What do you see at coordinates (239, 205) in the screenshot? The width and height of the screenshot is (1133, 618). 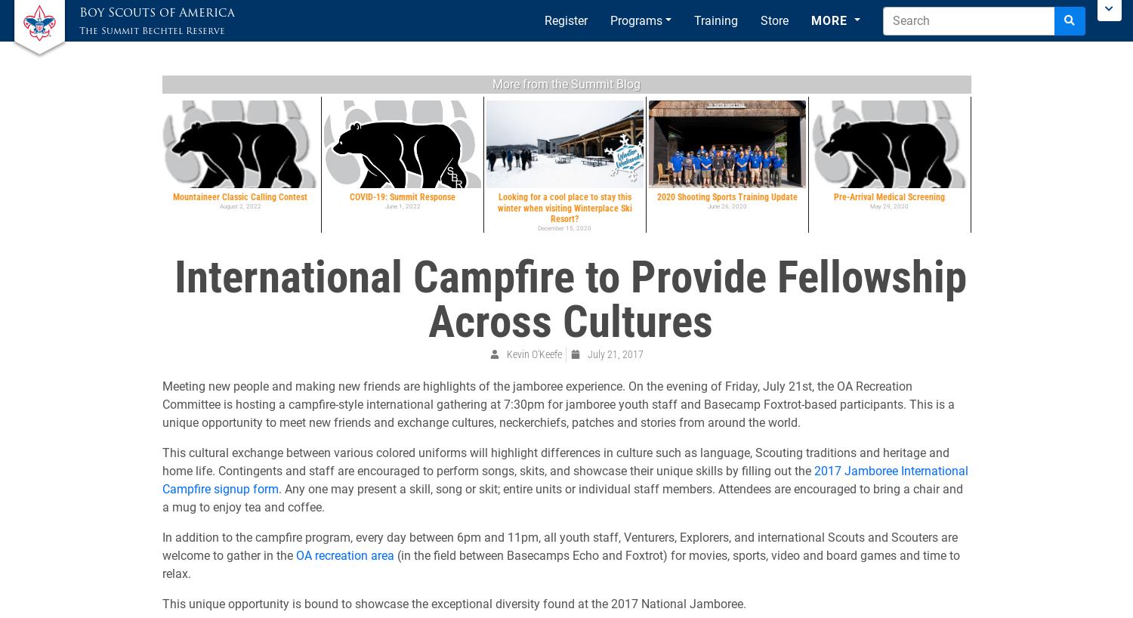 I see `'August 2, 2022'` at bounding box center [239, 205].